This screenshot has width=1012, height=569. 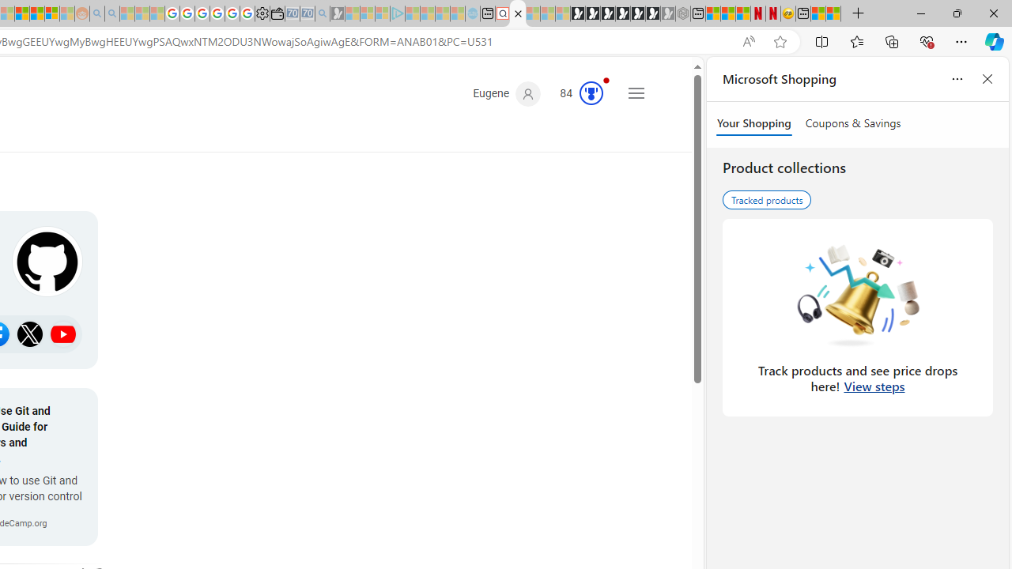 What do you see at coordinates (308, 13) in the screenshot?
I see `'Cheap Car Rentals - Save70.com - Sleeping'` at bounding box center [308, 13].